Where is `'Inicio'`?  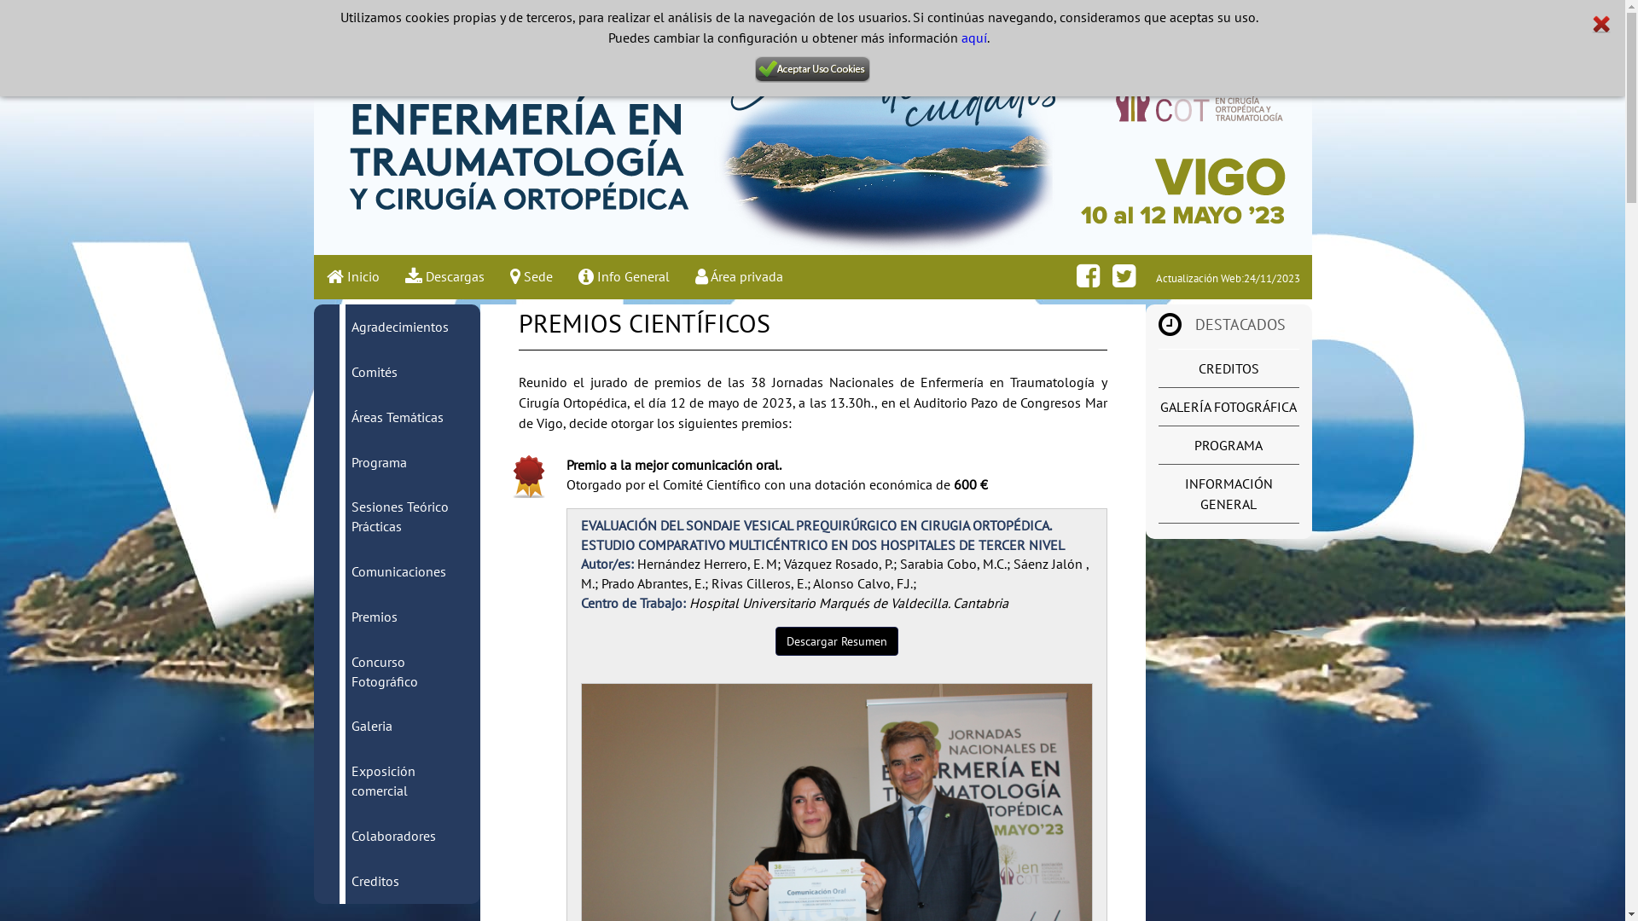 'Inicio' is located at coordinates (351, 275).